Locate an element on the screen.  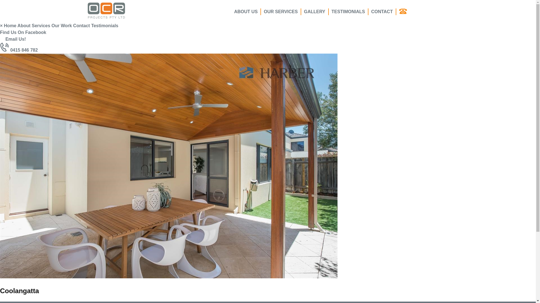
'Our Work' is located at coordinates (62, 26).